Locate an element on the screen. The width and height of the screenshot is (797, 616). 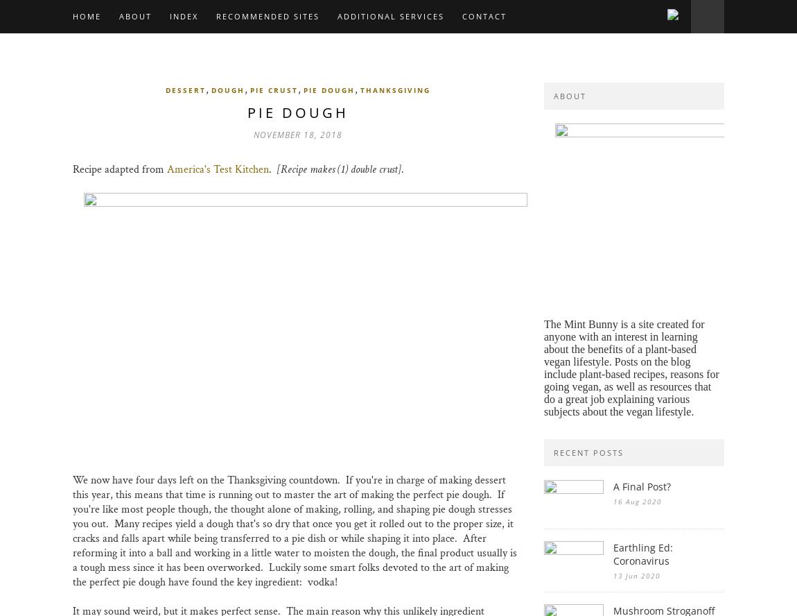
'A Final Post?' is located at coordinates (642, 486).